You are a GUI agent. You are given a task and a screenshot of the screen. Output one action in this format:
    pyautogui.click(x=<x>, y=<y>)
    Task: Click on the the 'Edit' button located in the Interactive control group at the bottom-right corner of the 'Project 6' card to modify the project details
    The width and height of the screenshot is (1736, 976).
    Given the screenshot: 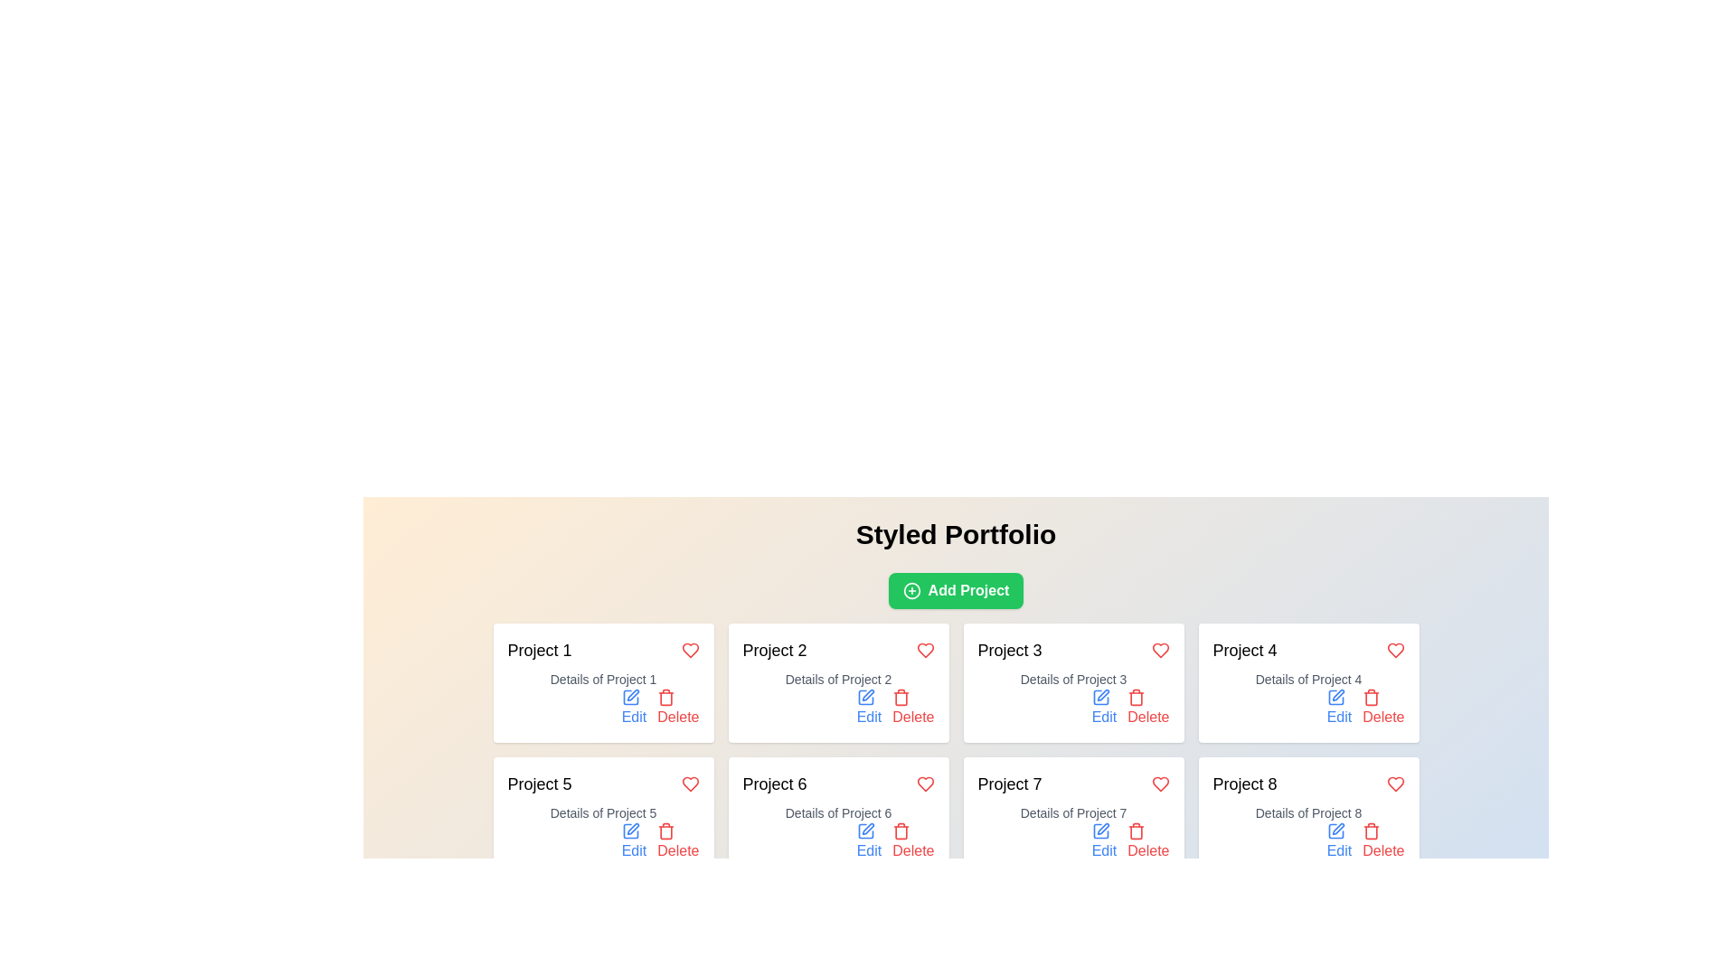 What is the action you would take?
    pyautogui.click(x=837, y=842)
    